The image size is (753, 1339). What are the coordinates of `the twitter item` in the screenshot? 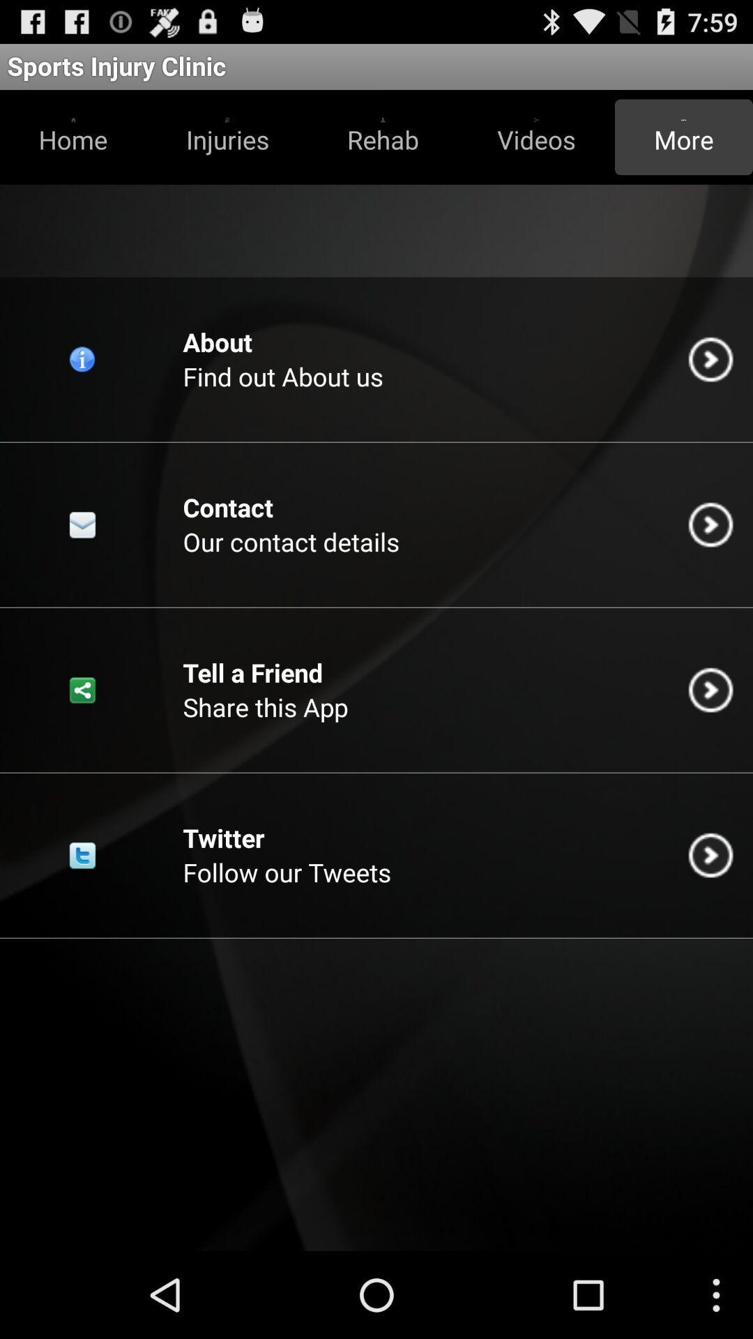 It's located at (222, 837).